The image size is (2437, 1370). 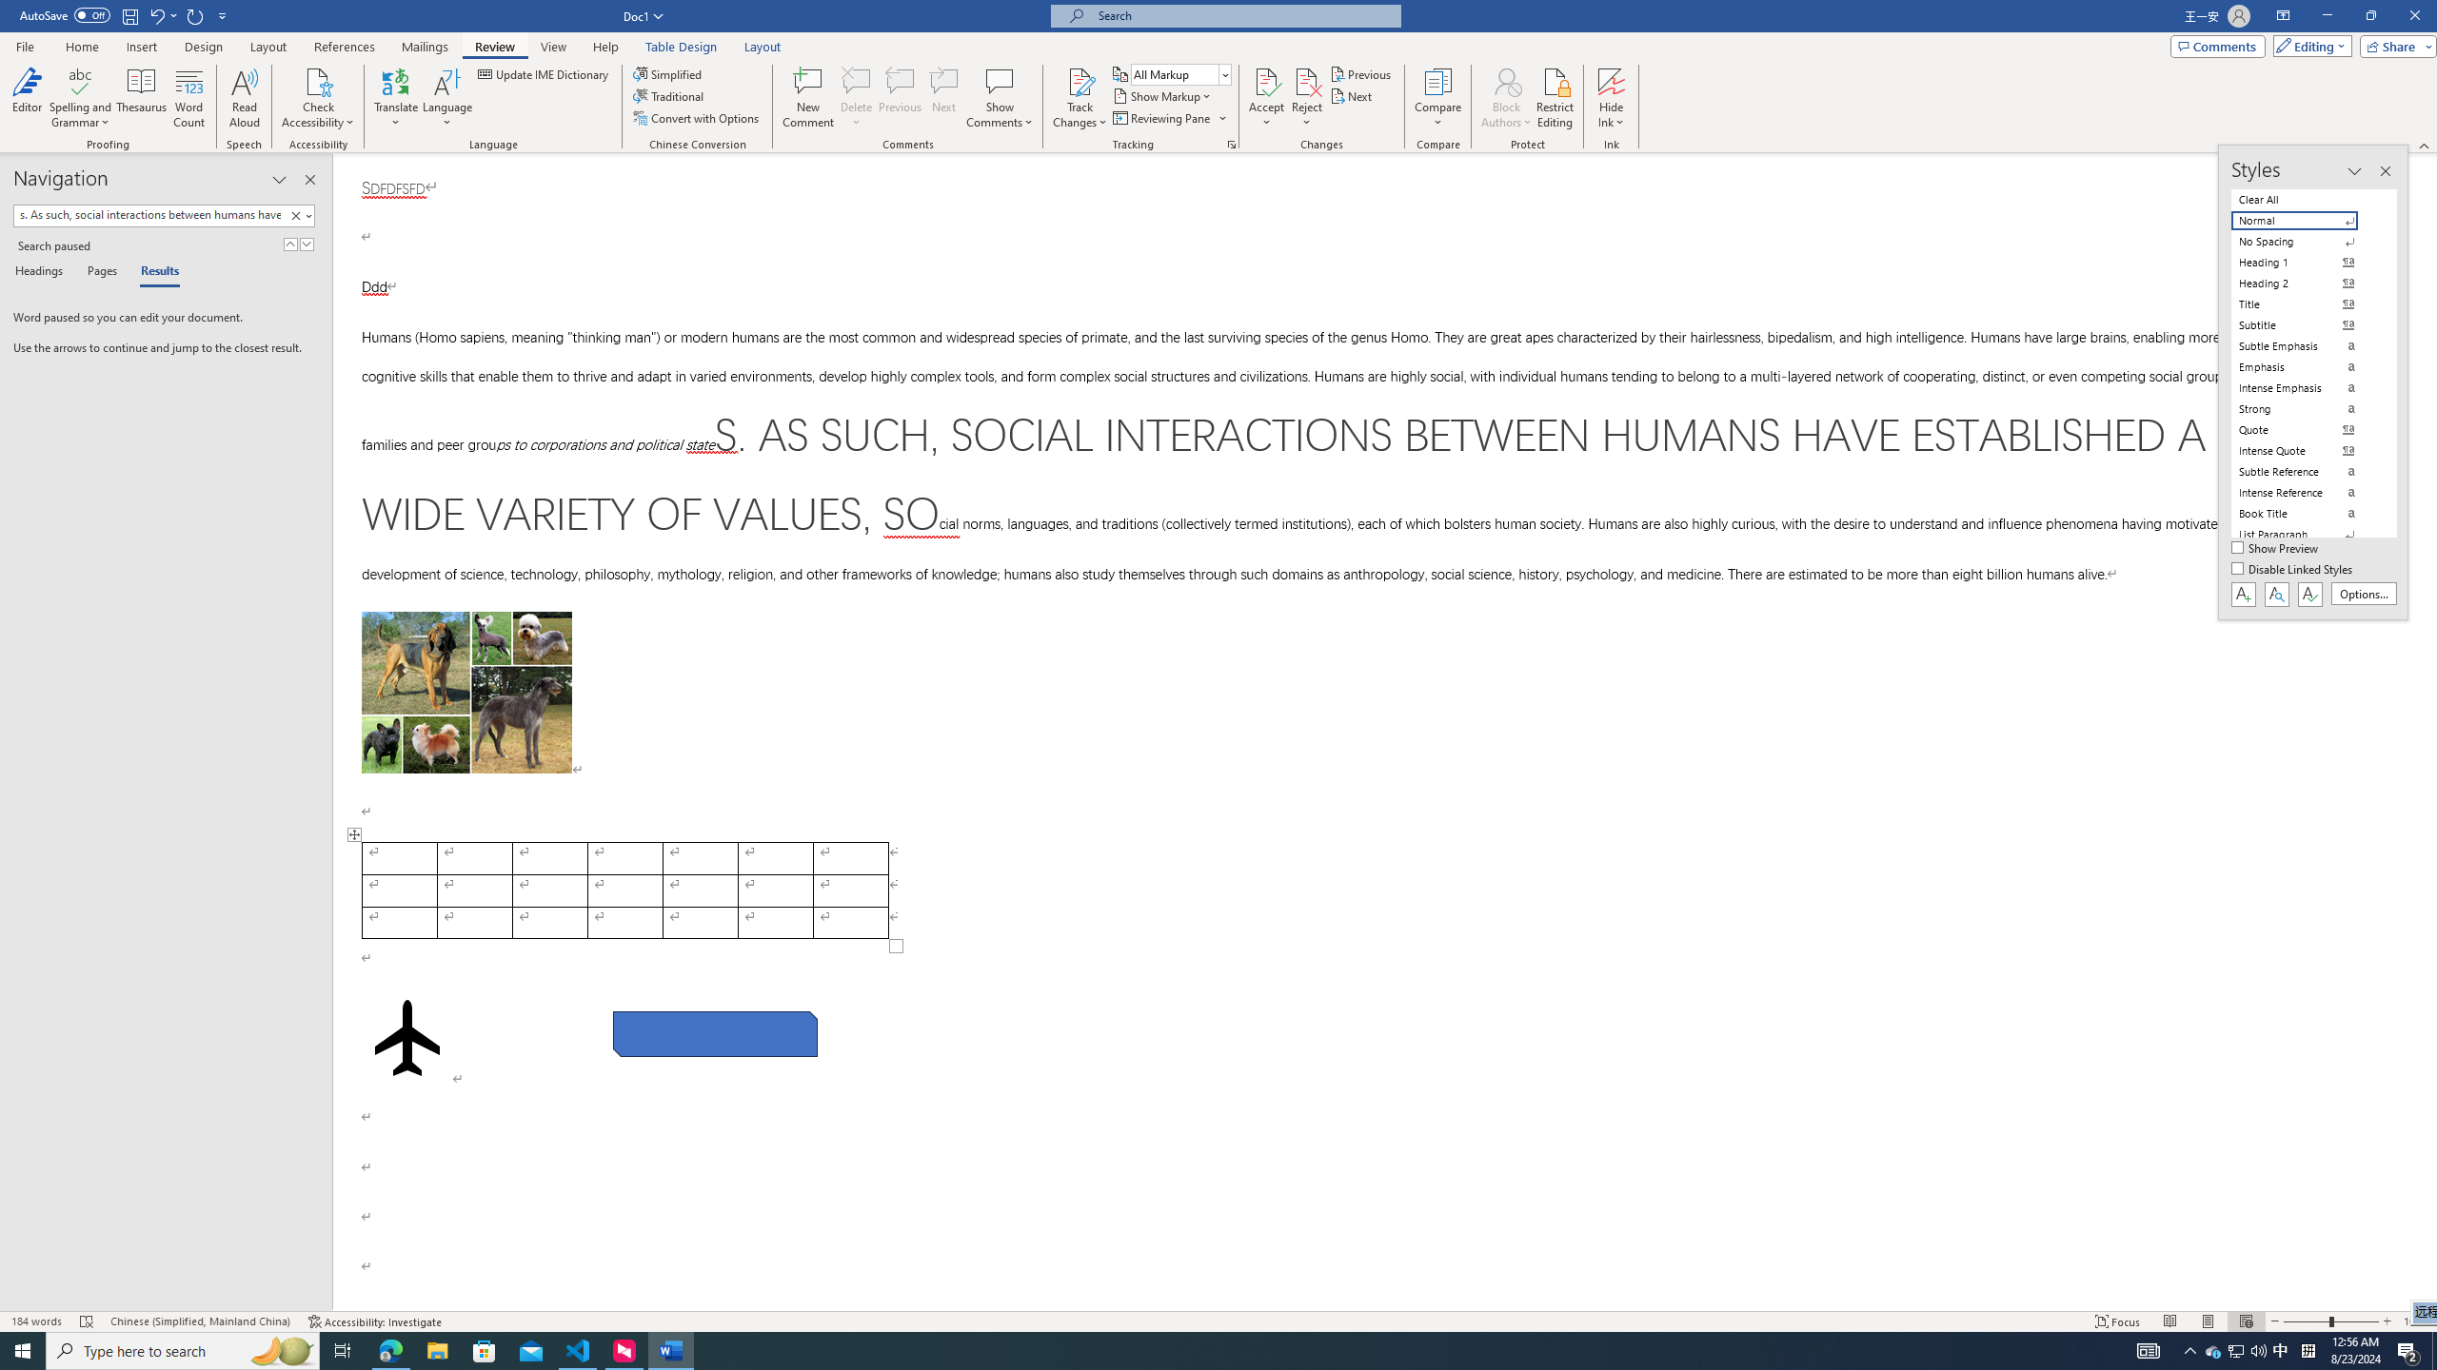 I want to click on 'Rectangle: Diagonal Corners Snipped 2', so click(x=715, y=1034).